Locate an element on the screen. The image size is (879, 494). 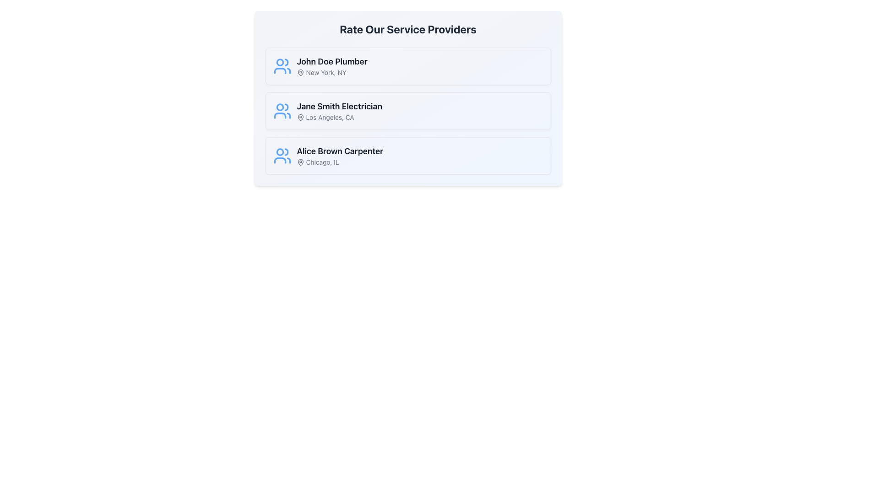
the label displaying the location of the individual mentioned, which is located directly beneath the 'Jane Smith Electrician' text is located at coordinates (339, 117).